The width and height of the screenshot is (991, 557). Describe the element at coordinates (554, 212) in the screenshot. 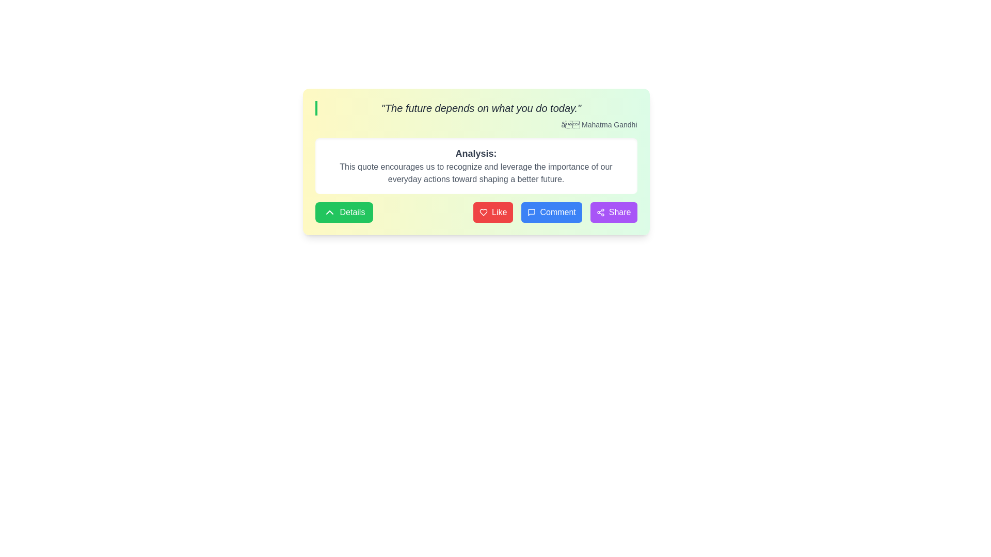

I see `the 'Comment' button, which is a rectangular button with a blue background and white text, featuring a speech bubble icon on the left, located between the 'Like' and 'Share' buttons` at that location.